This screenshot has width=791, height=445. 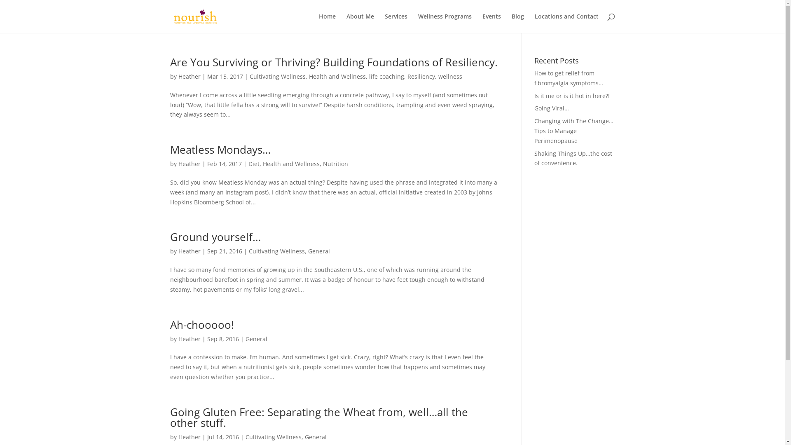 I want to click on 'General', so click(x=315, y=436).